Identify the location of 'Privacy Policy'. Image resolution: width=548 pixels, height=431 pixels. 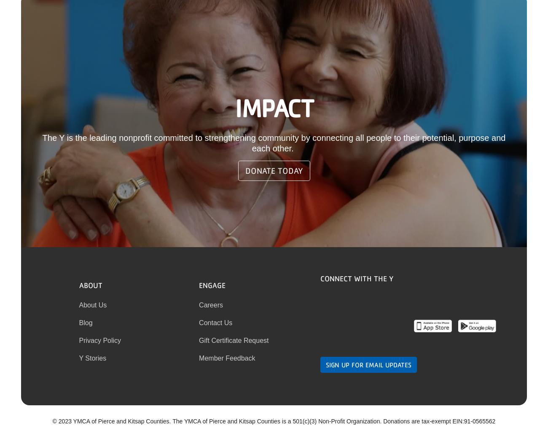
(78, 339).